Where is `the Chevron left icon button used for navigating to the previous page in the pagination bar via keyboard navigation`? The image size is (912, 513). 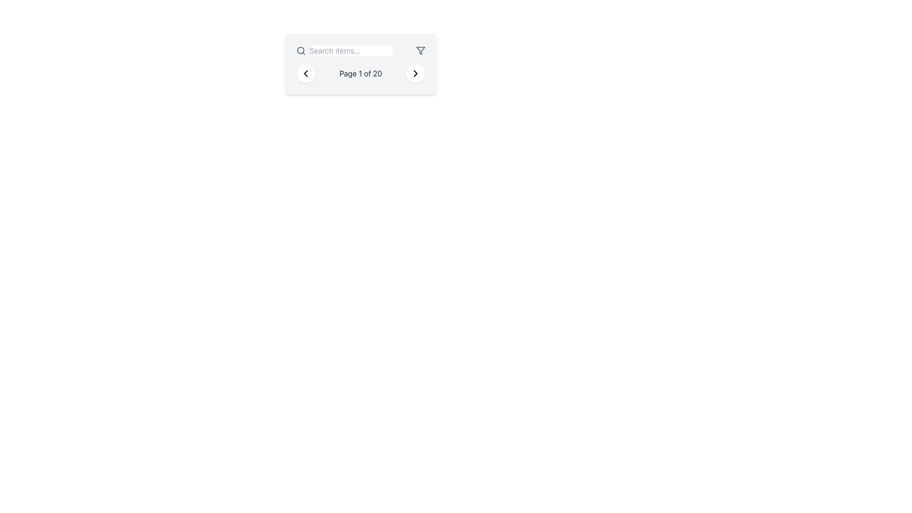
the Chevron left icon button used for navigating to the previous page in the pagination bar via keyboard navigation is located at coordinates (305, 73).